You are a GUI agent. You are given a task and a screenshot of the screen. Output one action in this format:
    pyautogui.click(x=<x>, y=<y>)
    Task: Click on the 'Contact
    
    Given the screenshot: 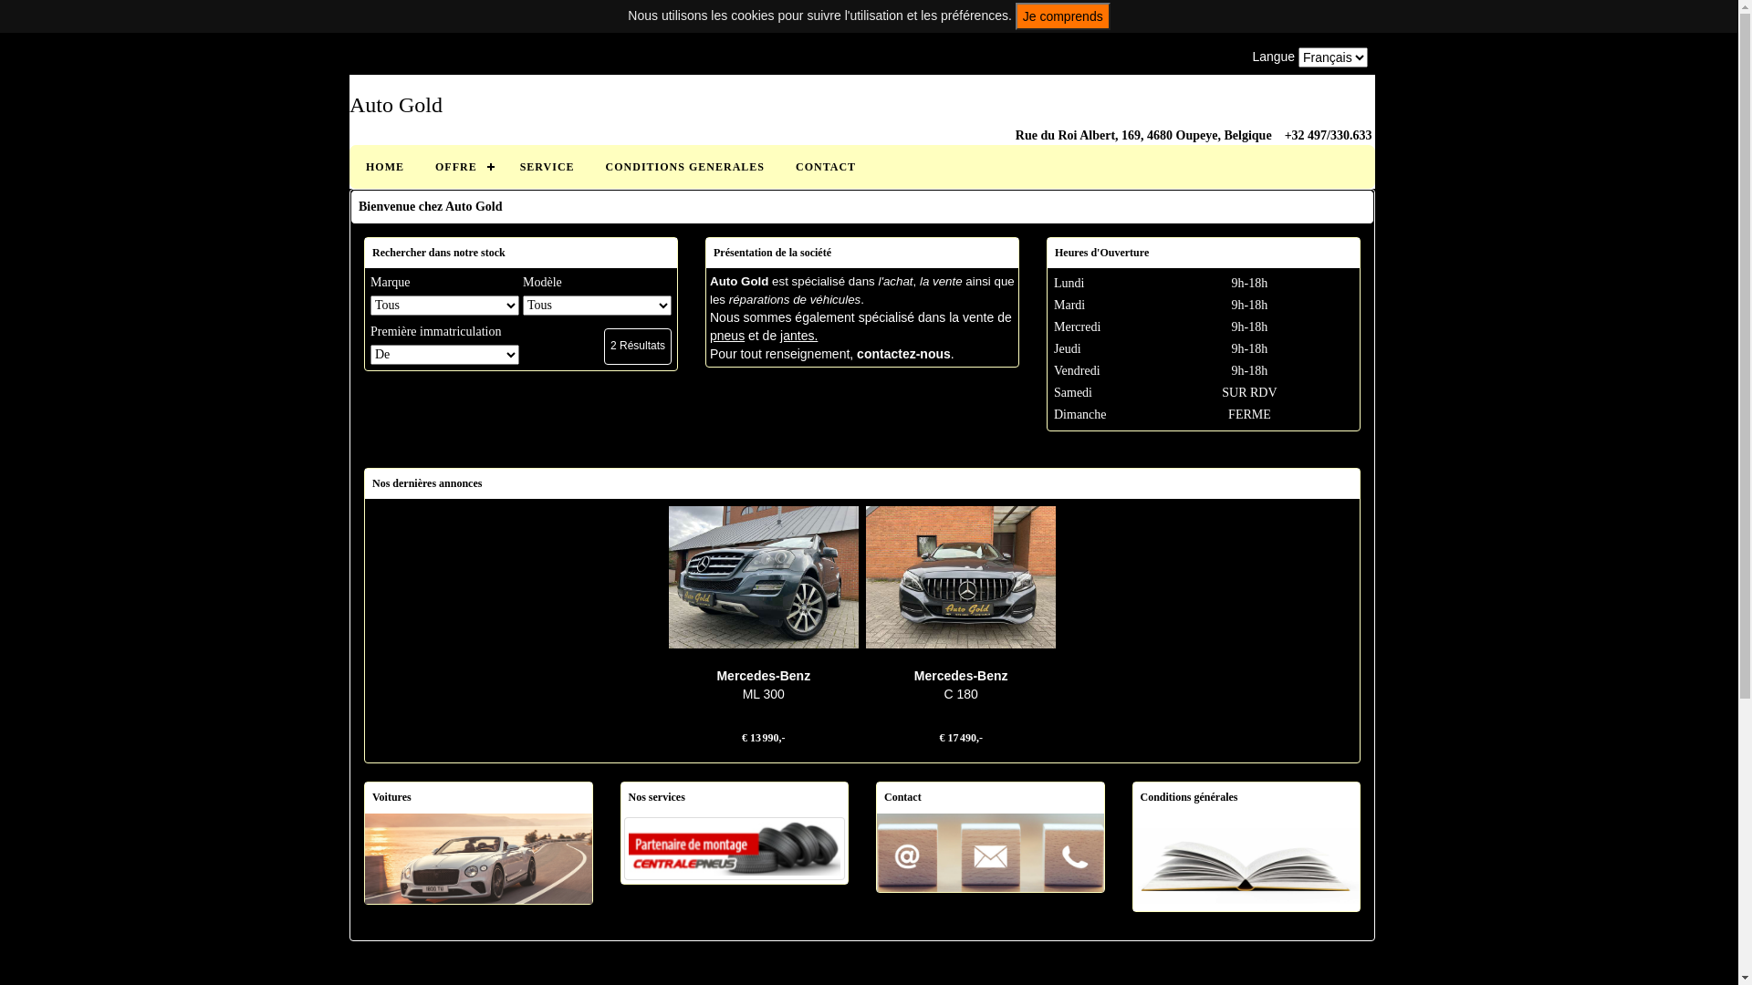 What is the action you would take?
    pyautogui.click(x=989, y=850)
    